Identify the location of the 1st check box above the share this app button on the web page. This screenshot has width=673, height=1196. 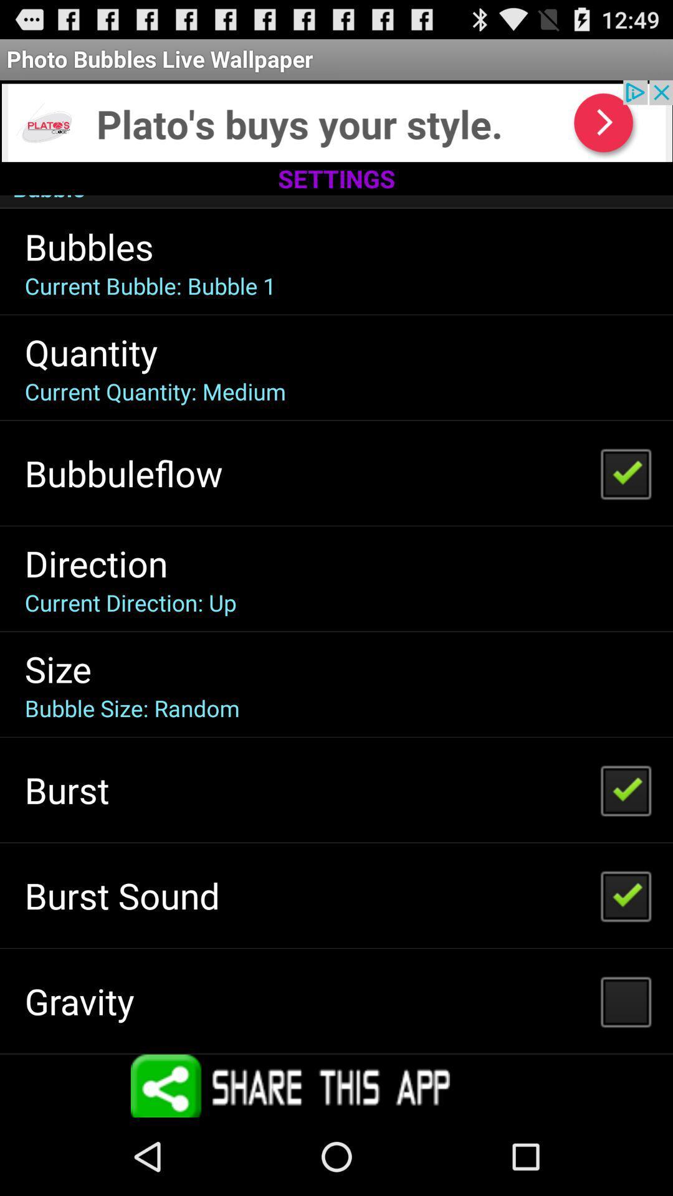
(625, 1001).